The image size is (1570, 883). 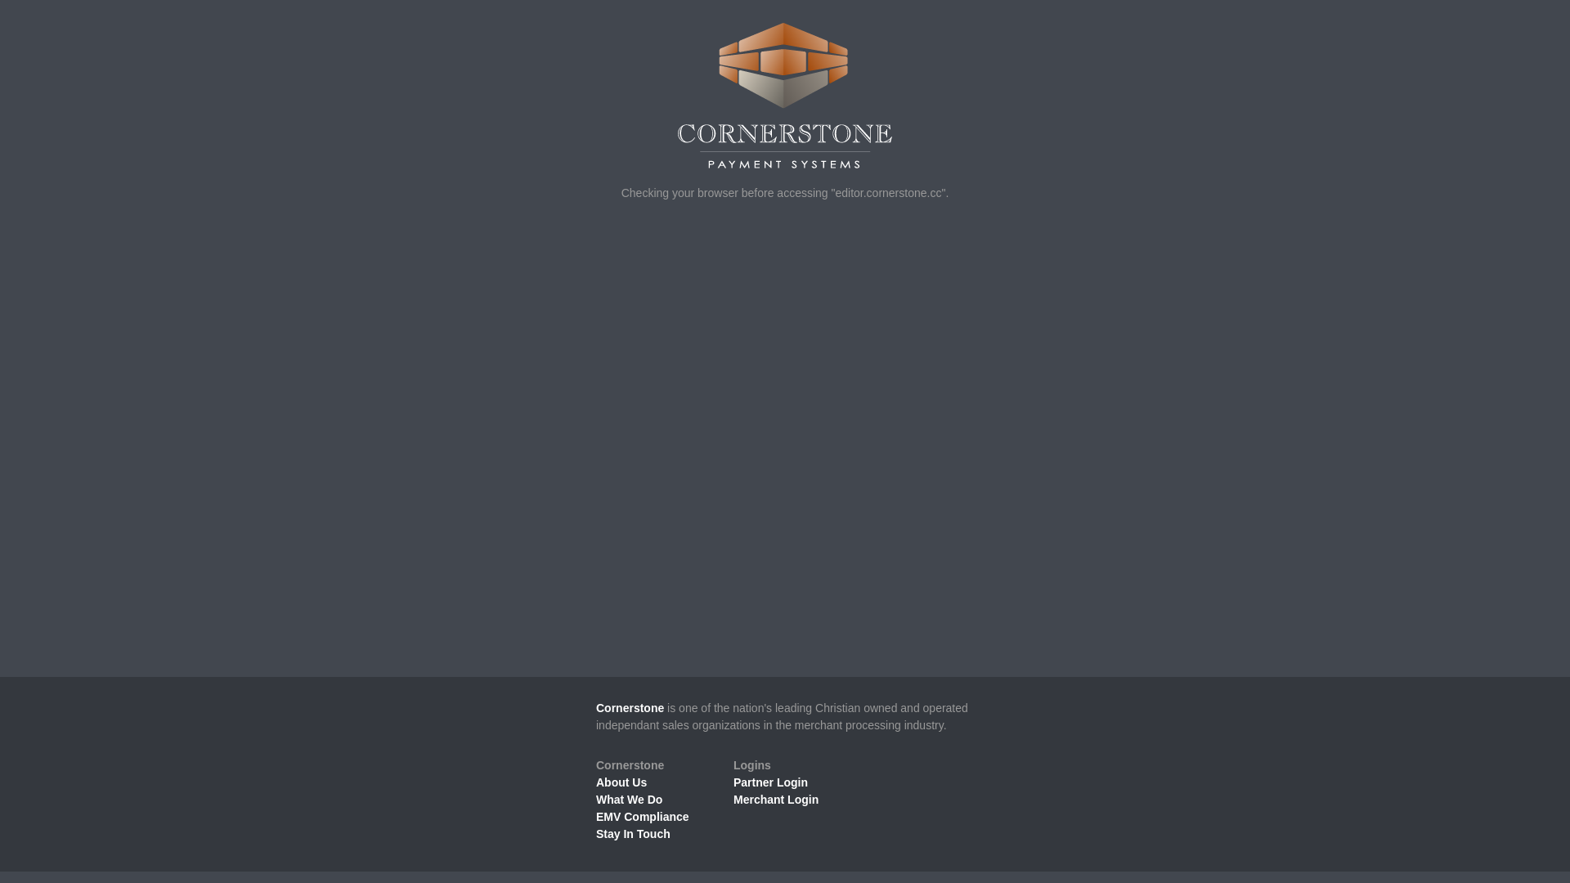 What do you see at coordinates (595, 799) in the screenshot?
I see `'What We Do'` at bounding box center [595, 799].